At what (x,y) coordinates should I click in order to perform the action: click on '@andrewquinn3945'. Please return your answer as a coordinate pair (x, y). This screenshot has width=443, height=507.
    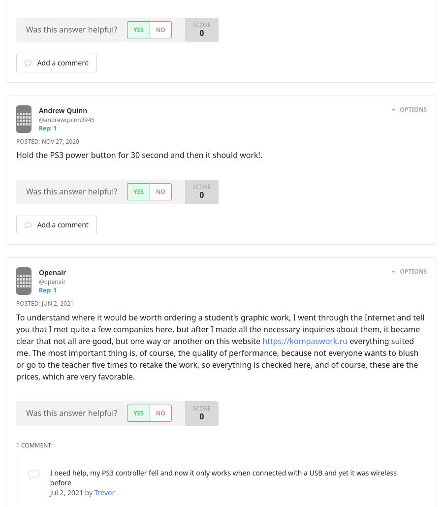
    Looking at the image, I should click on (38, 119).